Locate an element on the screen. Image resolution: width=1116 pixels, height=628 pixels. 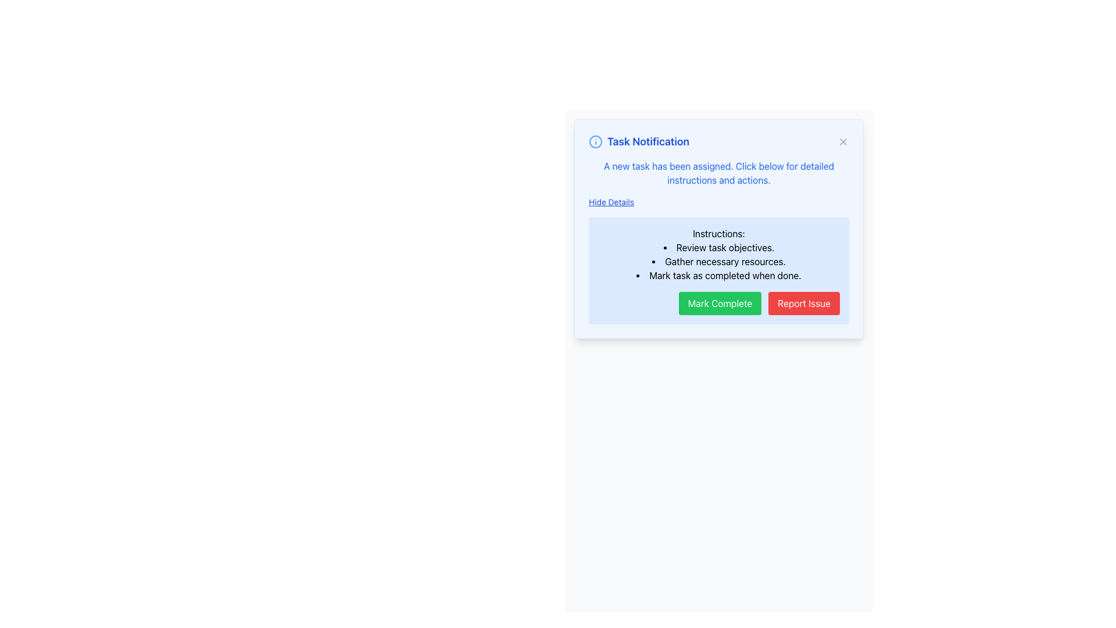
the informational alert icon located in the top-left section of the notification card, adjacent to the main text title 'Task Notification' is located at coordinates (596, 141).